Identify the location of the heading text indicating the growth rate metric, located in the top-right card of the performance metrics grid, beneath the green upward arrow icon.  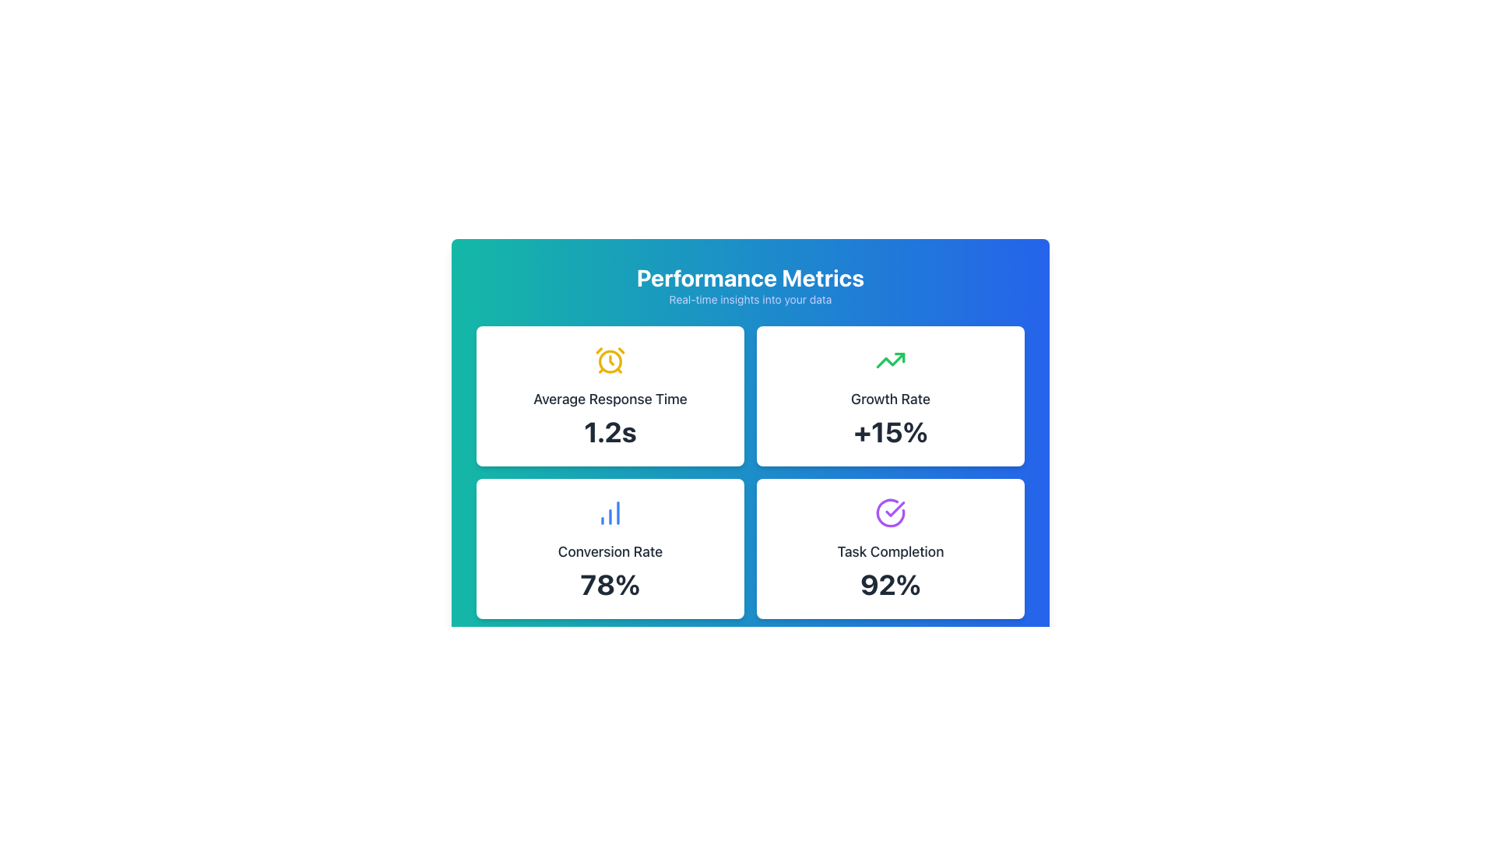
(890, 399).